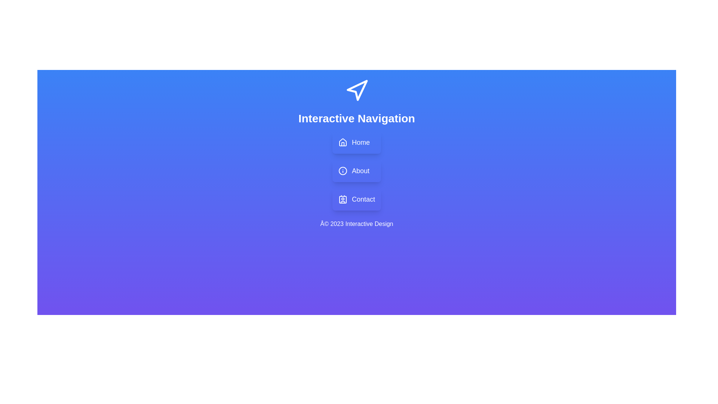 The height and width of the screenshot is (404, 718). What do you see at coordinates (356, 171) in the screenshot?
I see `the 'About' button, which is the second item in the list of navigation buttons, located below the 'Home' button and above the 'Contact' button` at bounding box center [356, 171].